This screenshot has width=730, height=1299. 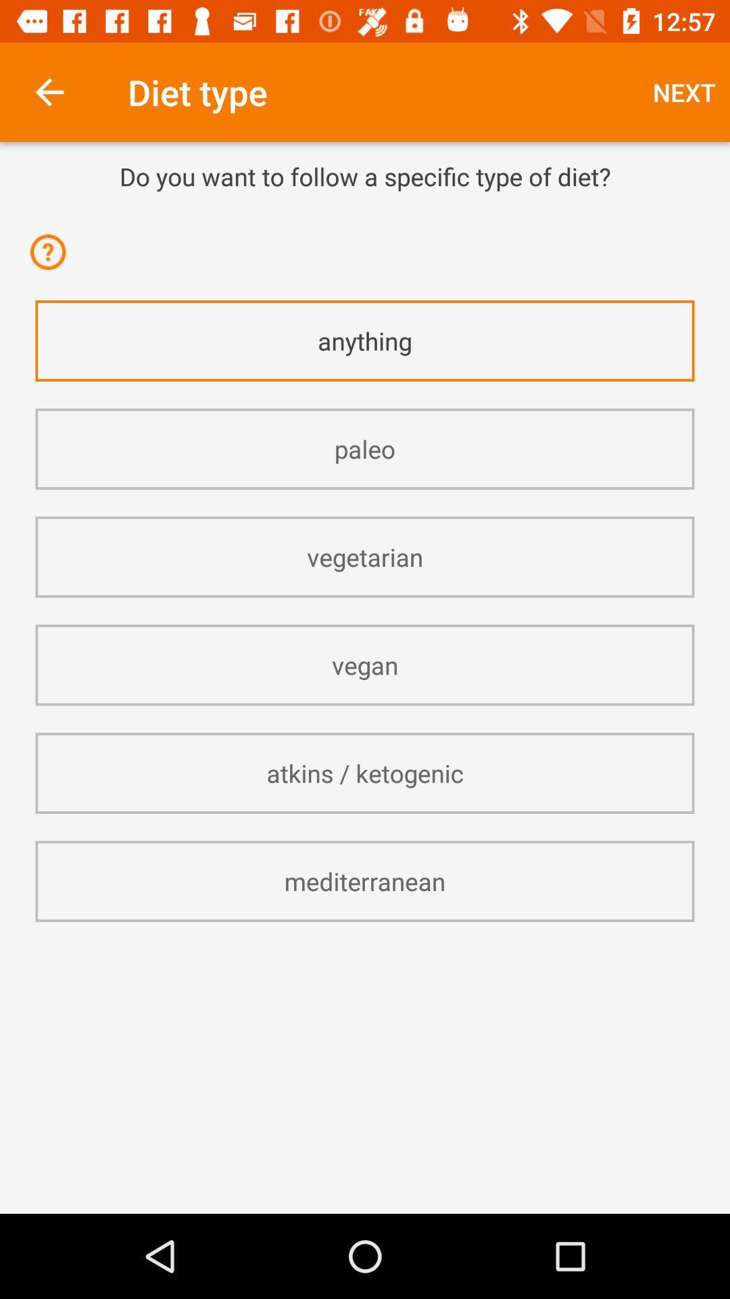 What do you see at coordinates (365, 773) in the screenshot?
I see `item below vegan item` at bounding box center [365, 773].